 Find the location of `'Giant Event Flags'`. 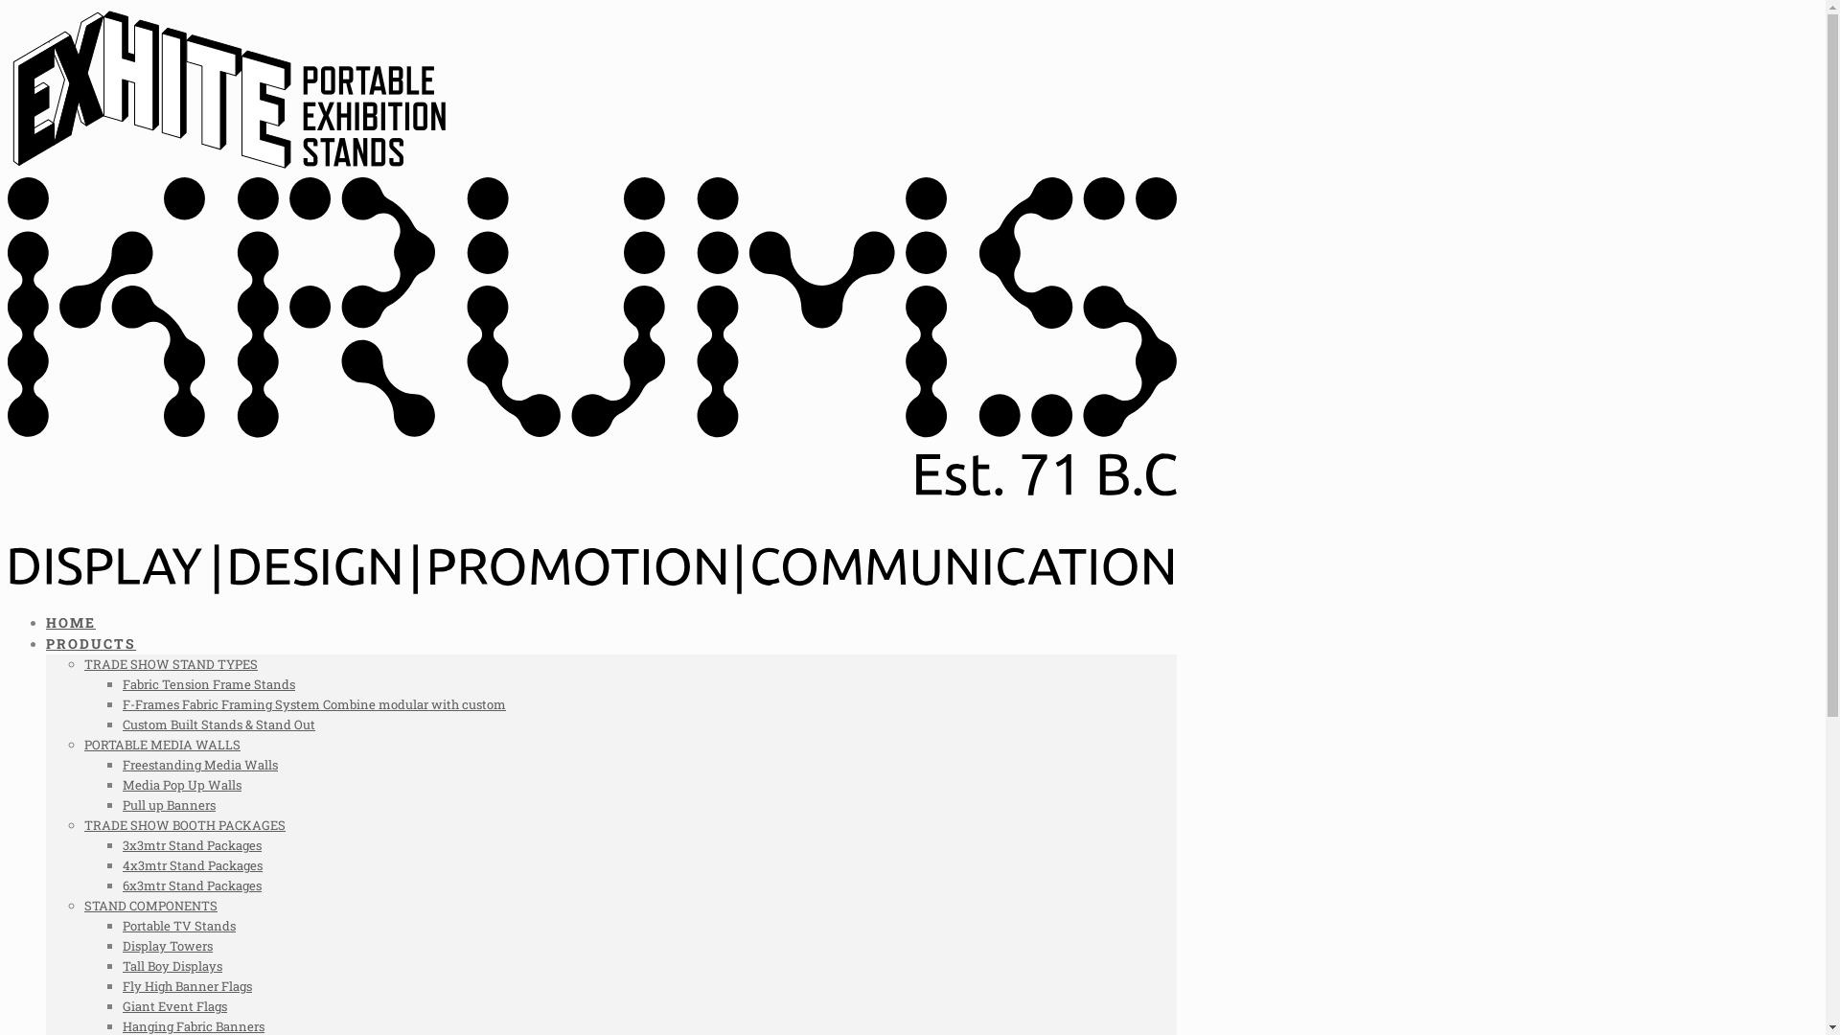

'Giant Event Flags' is located at coordinates (174, 1004).